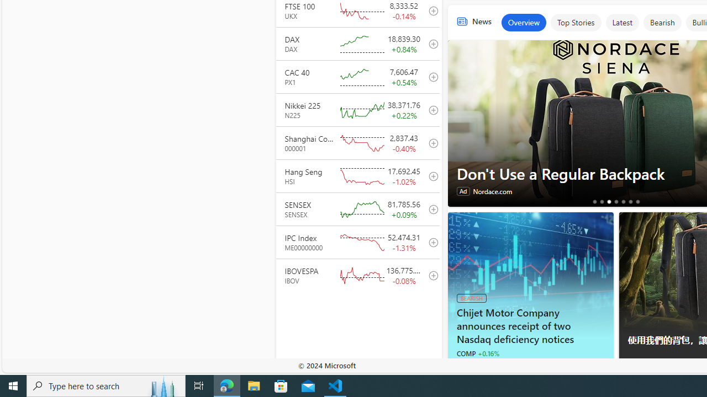 The image size is (707, 397). What do you see at coordinates (622, 23) in the screenshot?
I see `'Latest'` at bounding box center [622, 23].